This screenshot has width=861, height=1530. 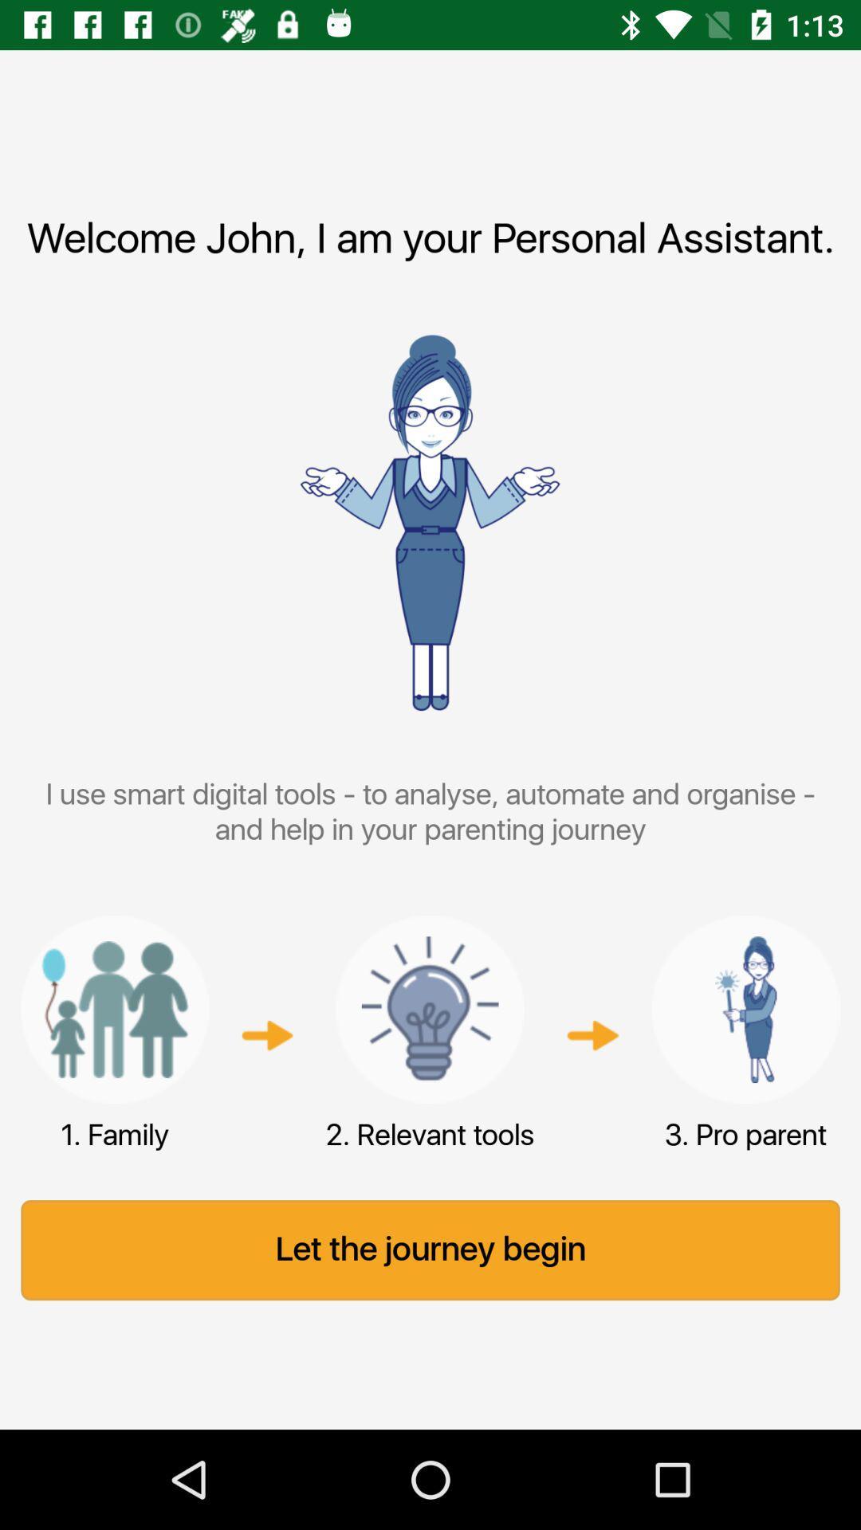 What do you see at coordinates (431, 1249) in the screenshot?
I see `the let the journey` at bounding box center [431, 1249].